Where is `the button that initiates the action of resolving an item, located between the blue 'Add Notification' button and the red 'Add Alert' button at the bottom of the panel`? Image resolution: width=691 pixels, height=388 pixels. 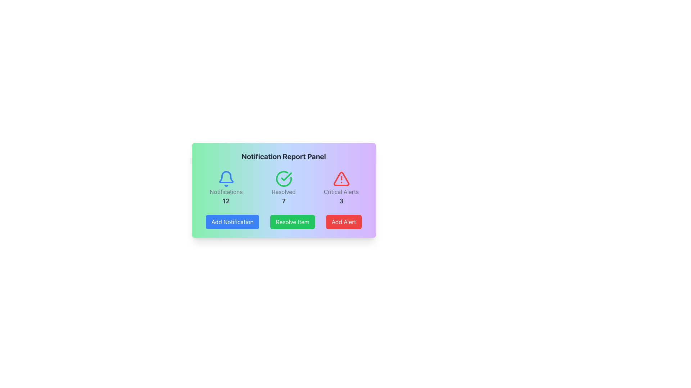 the button that initiates the action of resolving an item, located between the blue 'Add Notification' button and the red 'Add Alert' button at the bottom of the panel is located at coordinates (283, 221).